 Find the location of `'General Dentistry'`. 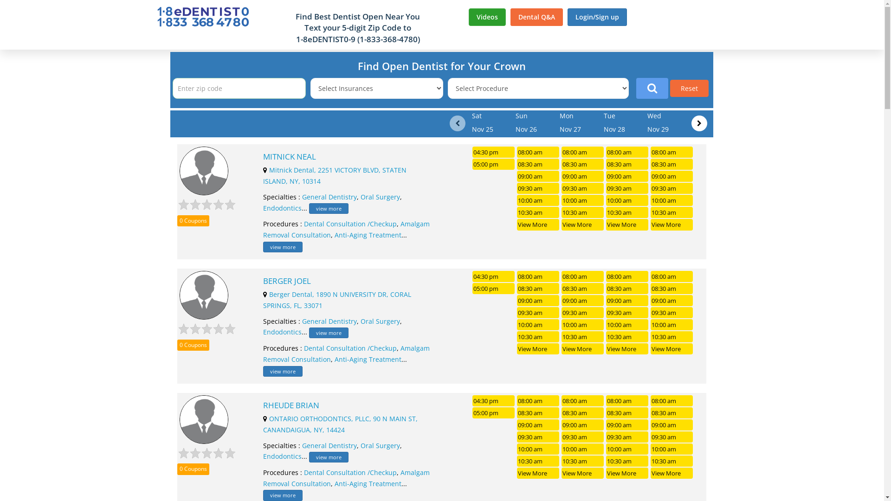

'General Dentistry' is located at coordinates (302, 196).